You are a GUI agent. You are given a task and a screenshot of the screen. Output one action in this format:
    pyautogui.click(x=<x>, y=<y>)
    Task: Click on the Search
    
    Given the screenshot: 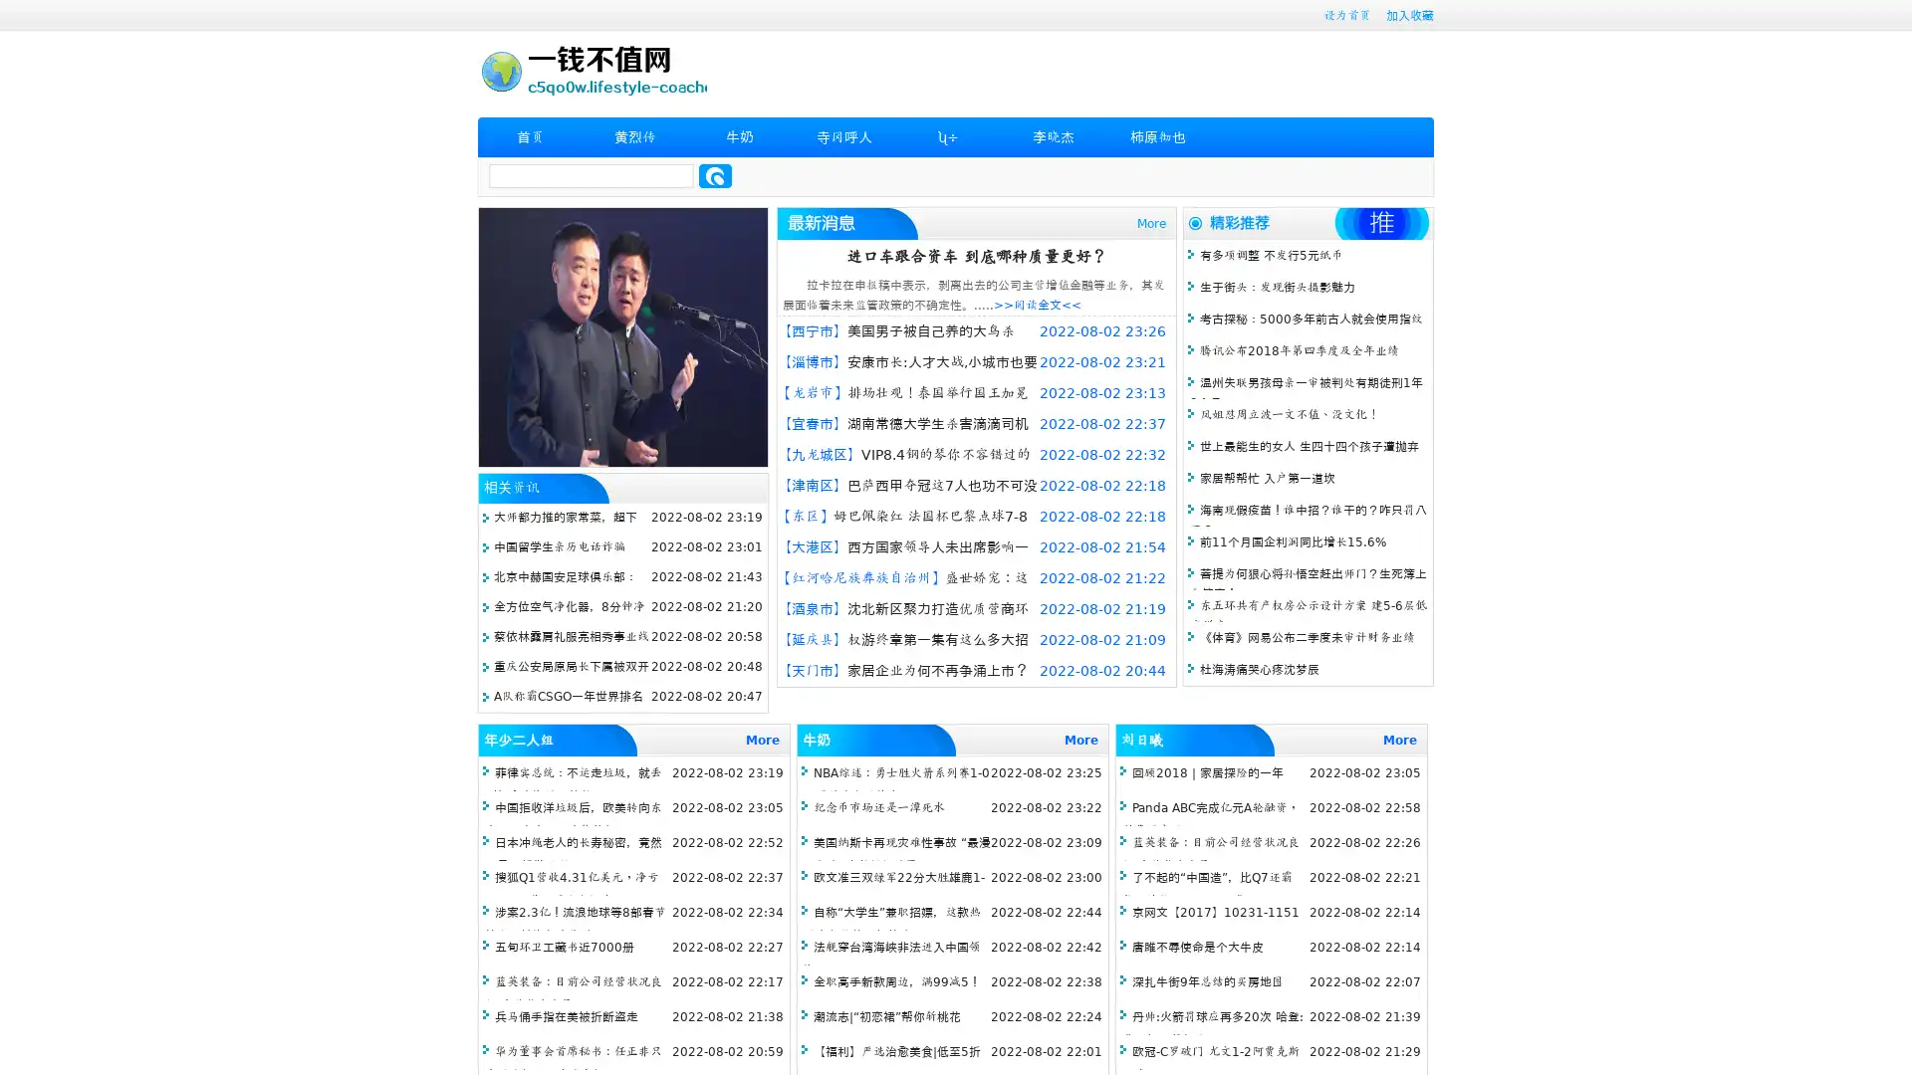 What is the action you would take?
    pyautogui.click(x=715, y=175)
    